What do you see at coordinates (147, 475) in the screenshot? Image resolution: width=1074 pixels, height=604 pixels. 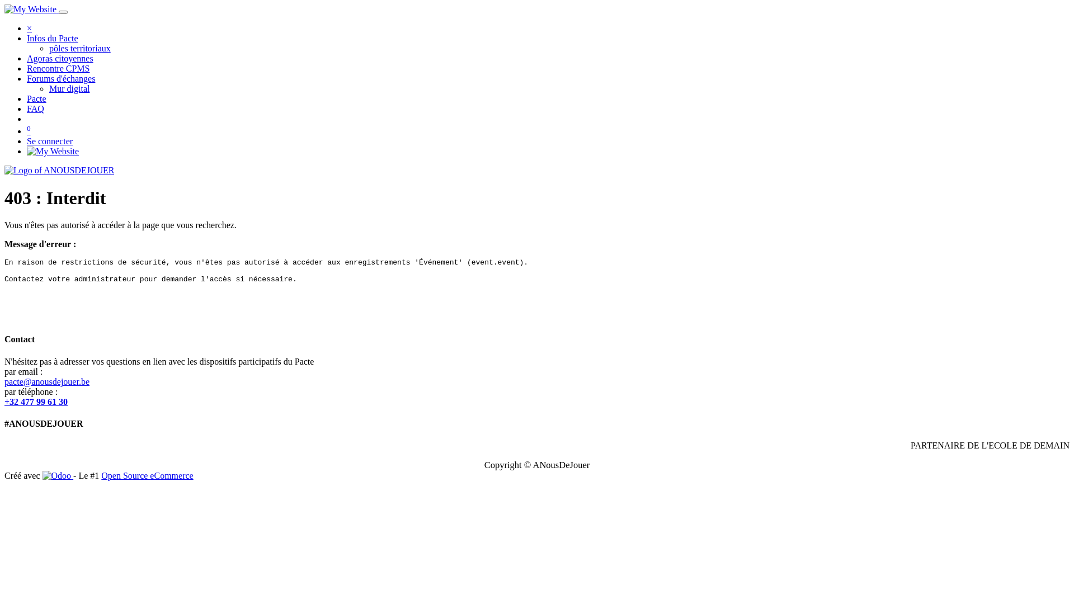 I see `'Open Source eCommerce'` at bounding box center [147, 475].